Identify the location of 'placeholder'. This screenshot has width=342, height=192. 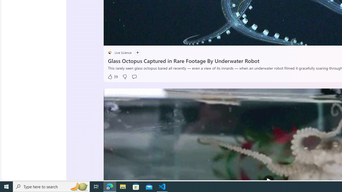
(110, 53).